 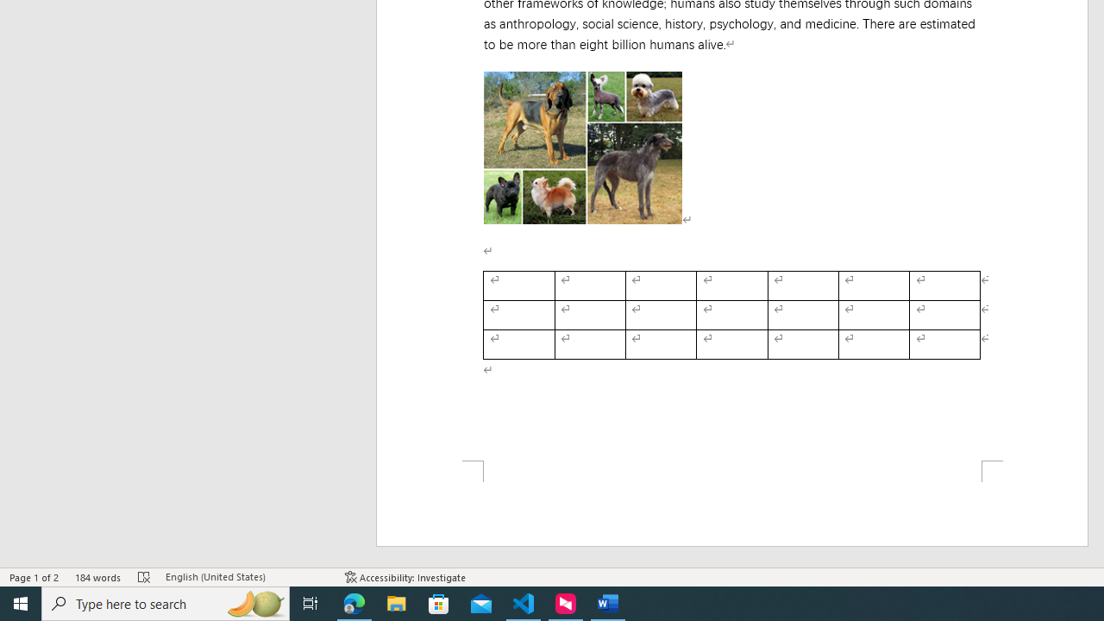 I want to click on 'Word - 1 running window', so click(x=608, y=602).